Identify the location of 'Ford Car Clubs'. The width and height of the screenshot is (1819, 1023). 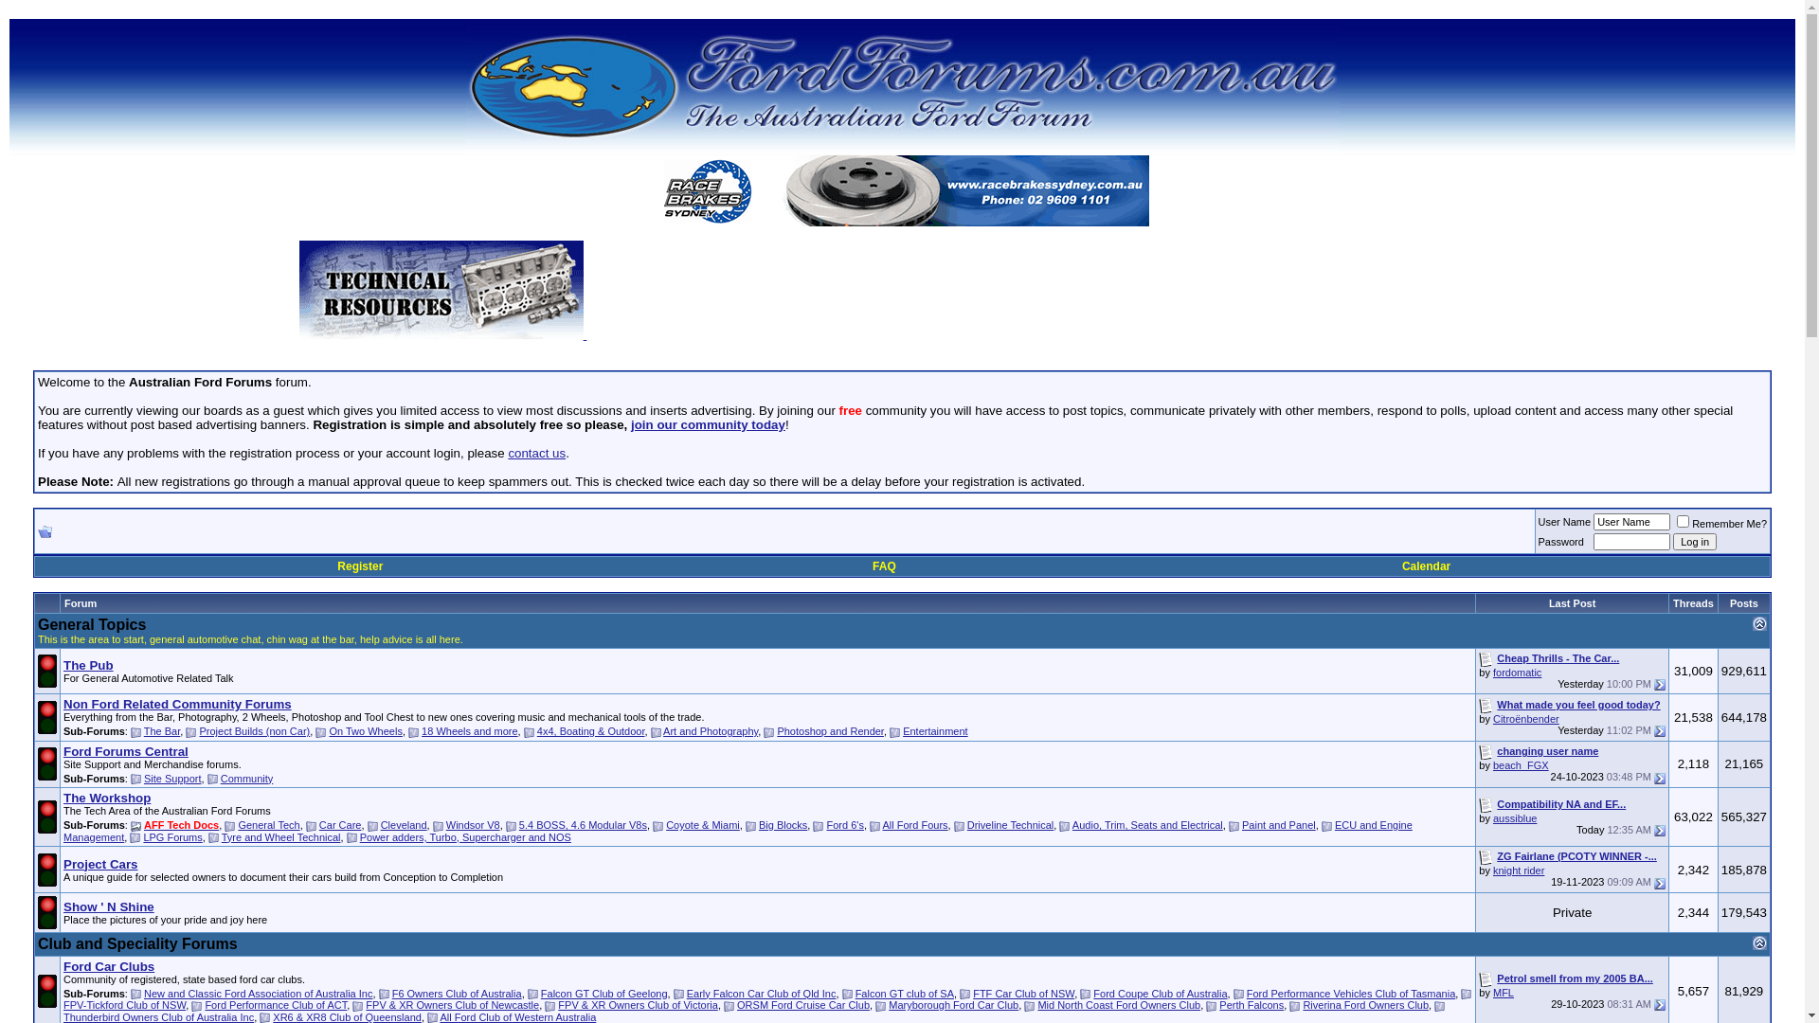
(108, 966).